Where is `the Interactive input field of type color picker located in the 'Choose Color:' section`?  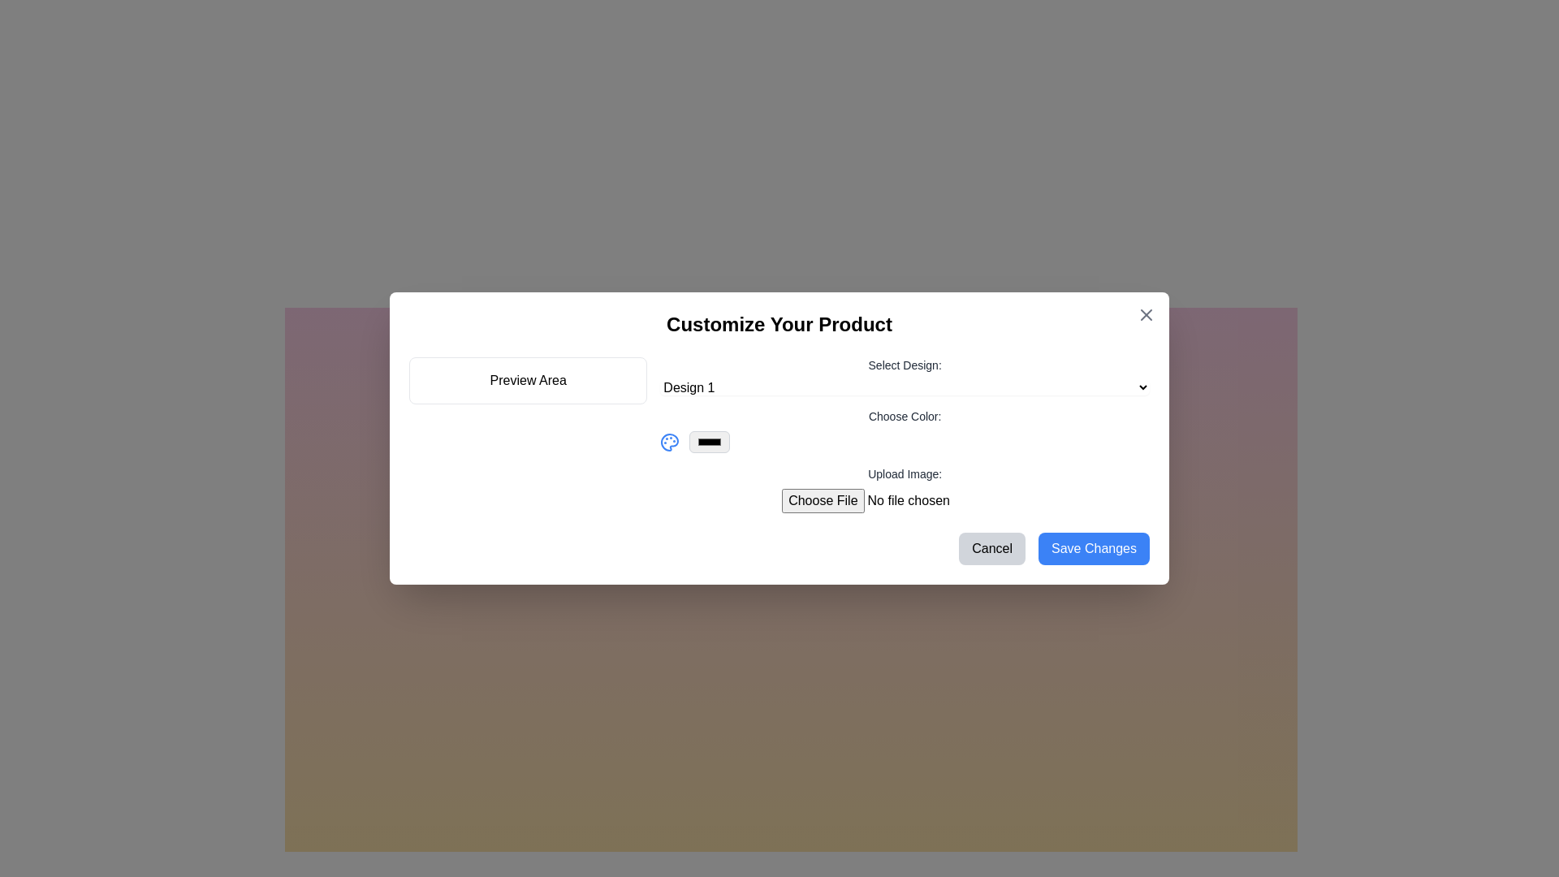
the Interactive input field of type color picker located in the 'Choose Color:' section is located at coordinates (904, 442).